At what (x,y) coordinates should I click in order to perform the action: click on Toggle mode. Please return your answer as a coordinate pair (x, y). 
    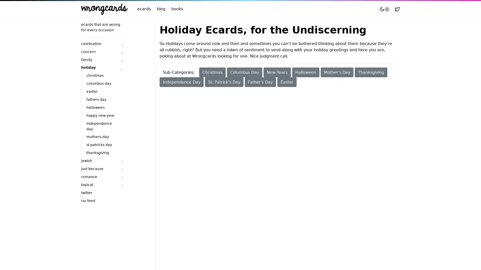
    Looking at the image, I should click on (384, 9).